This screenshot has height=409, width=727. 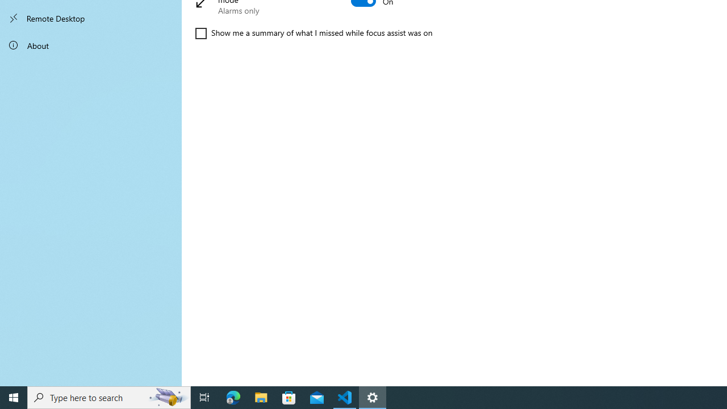 I want to click on 'Type here to search', so click(x=109, y=397).